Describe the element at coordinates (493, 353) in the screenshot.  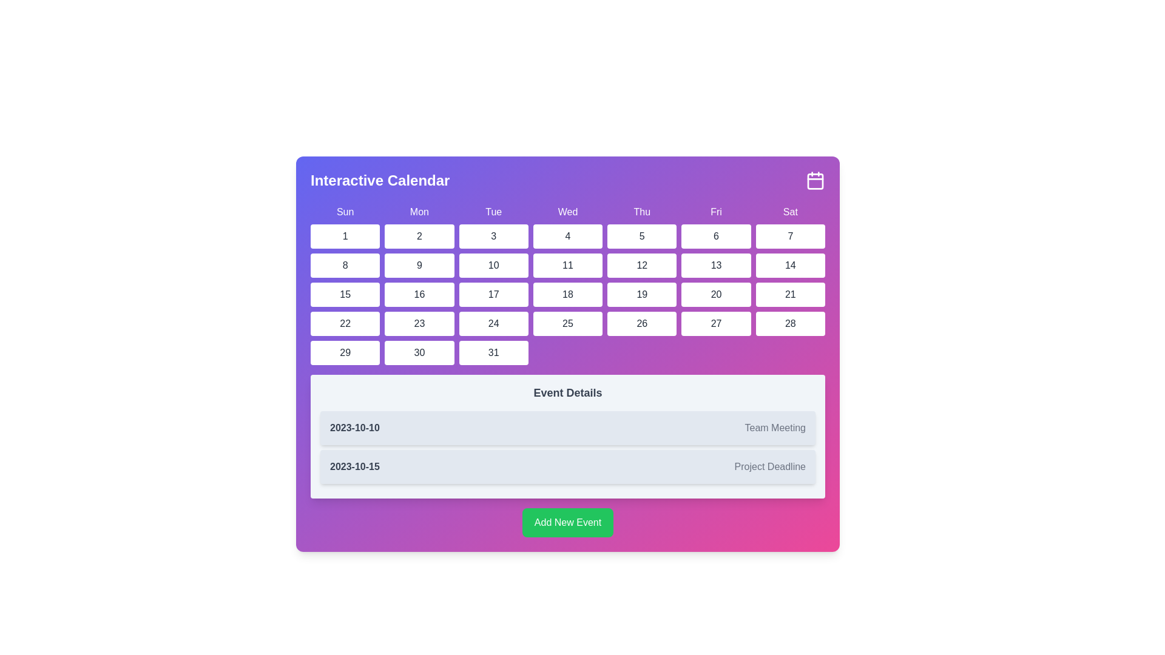
I see `the rounded button displaying the text '31', located in the bottom-right corner of the calendar grid, beneath the 'Tue' column header` at that location.